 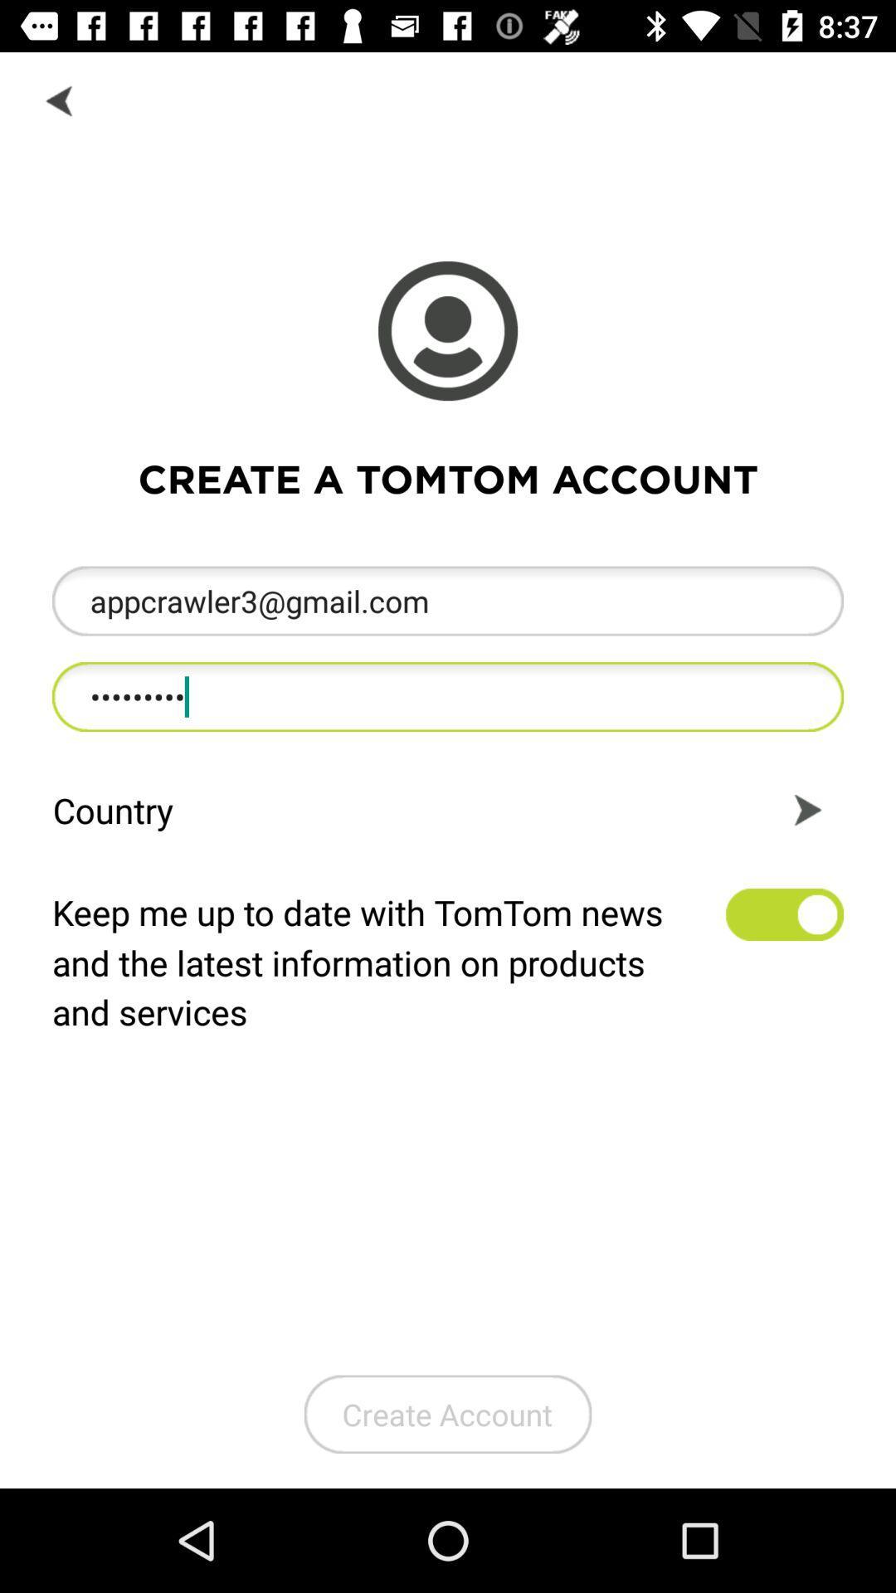 What do you see at coordinates (784, 913) in the screenshot?
I see `keep on` at bounding box center [784, 913].